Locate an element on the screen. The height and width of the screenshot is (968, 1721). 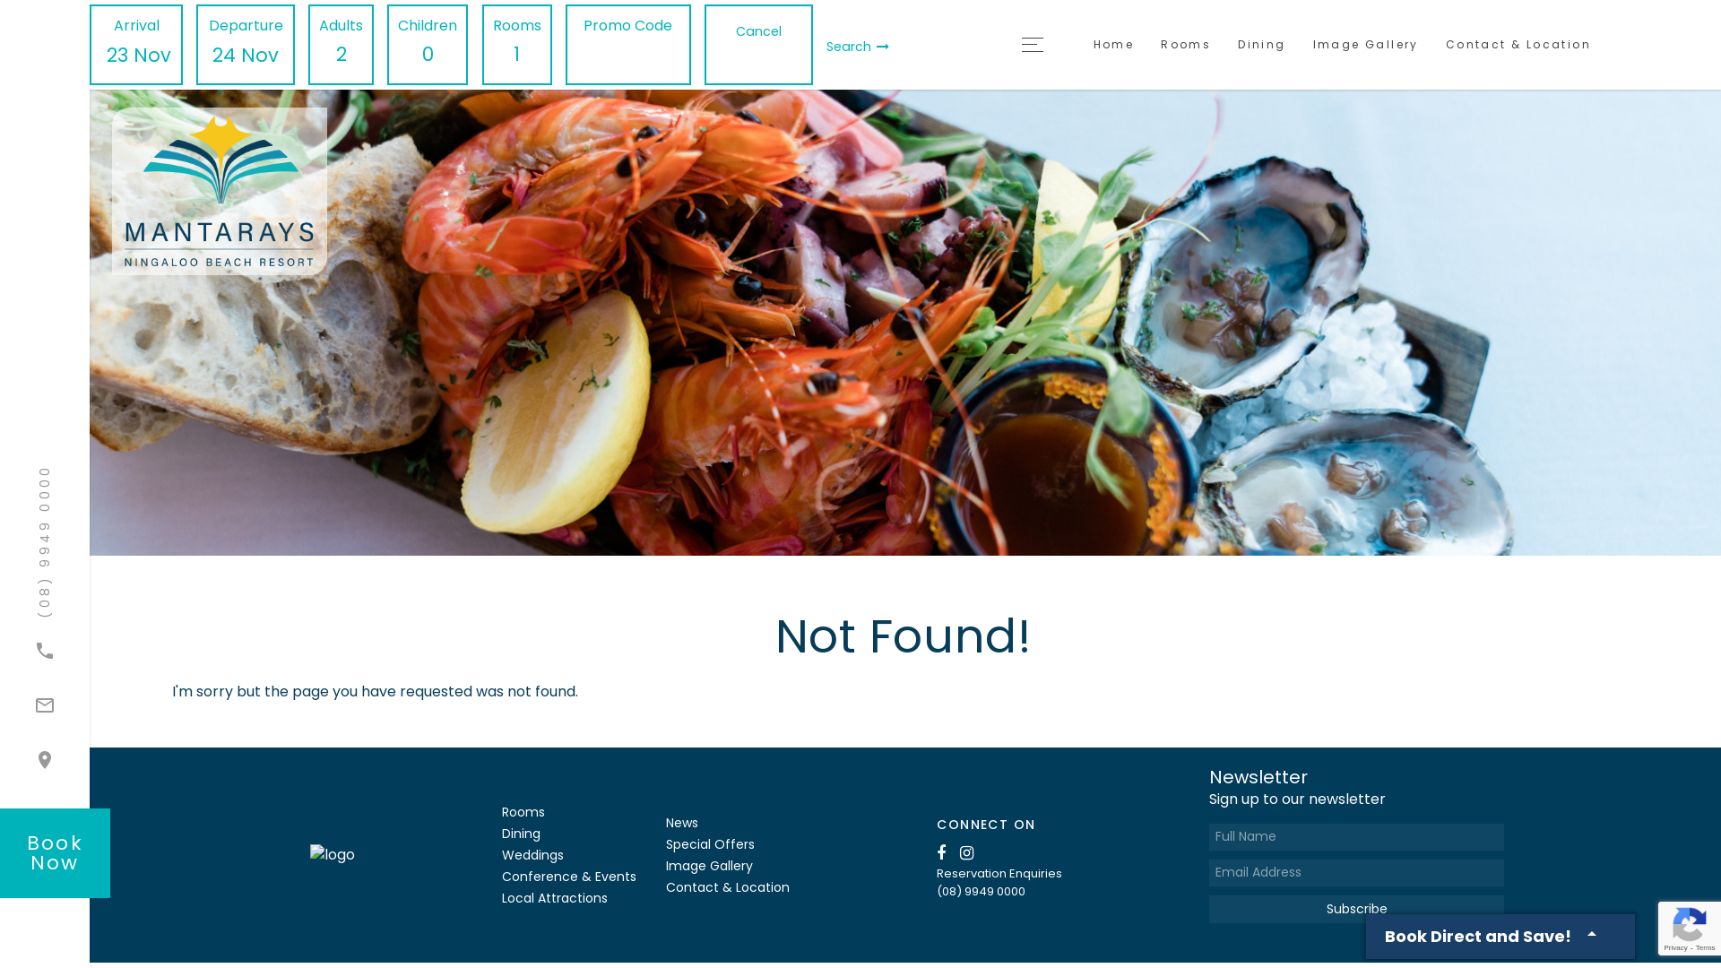
'Weddings' is located at coordinates (532, 853).